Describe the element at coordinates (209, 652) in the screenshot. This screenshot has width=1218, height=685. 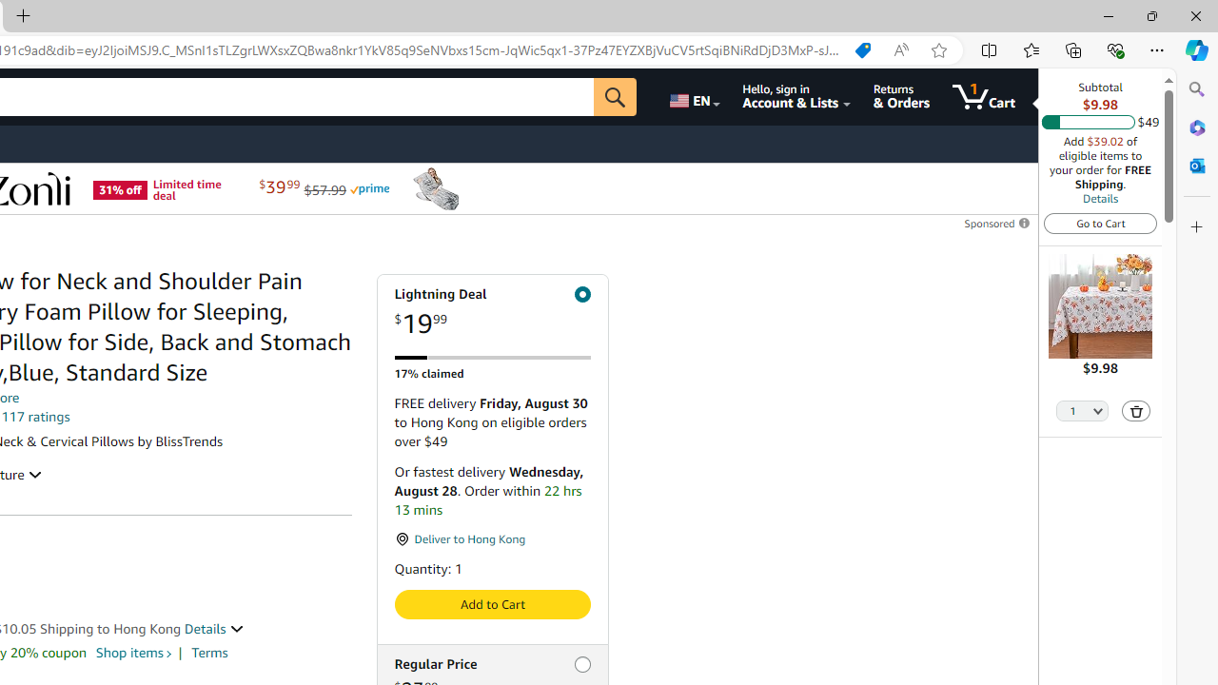
I see `'Terms'` at that location.